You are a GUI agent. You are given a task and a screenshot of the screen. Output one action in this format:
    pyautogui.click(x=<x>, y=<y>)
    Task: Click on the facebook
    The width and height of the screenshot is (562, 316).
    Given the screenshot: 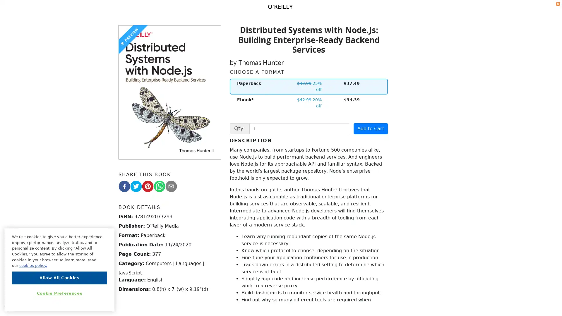 What is the action you would take?
    pyautogui.click(x=124, y=186)
    